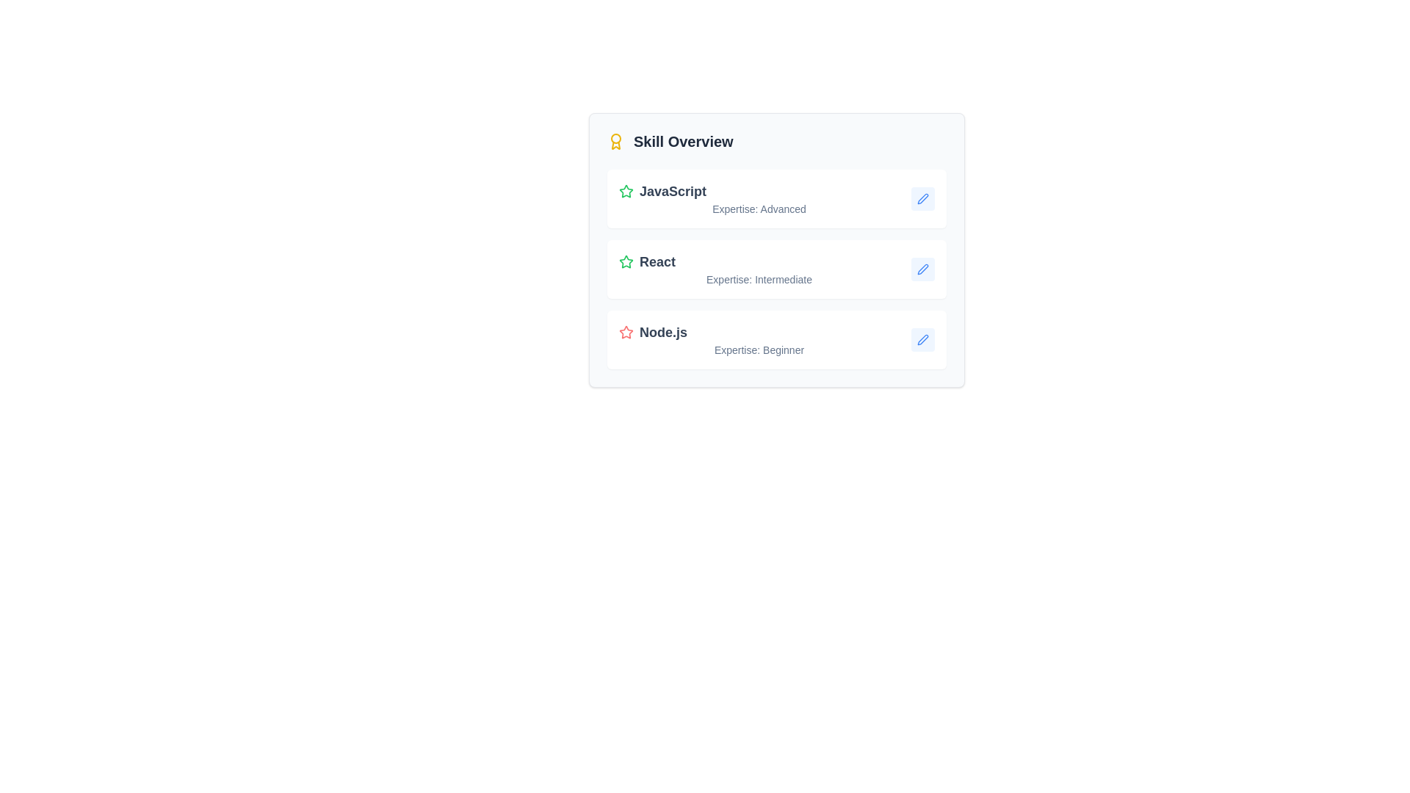 The image size is (1410, 793). What do you see at coordinates (922, 339) in the screenshot?
I see `the edit action icon located in the skill overview section, specifically in the third row, to the right of 'Node.js' and opposite 'Expertise: Beginner'` at bounding box center [922, 339].